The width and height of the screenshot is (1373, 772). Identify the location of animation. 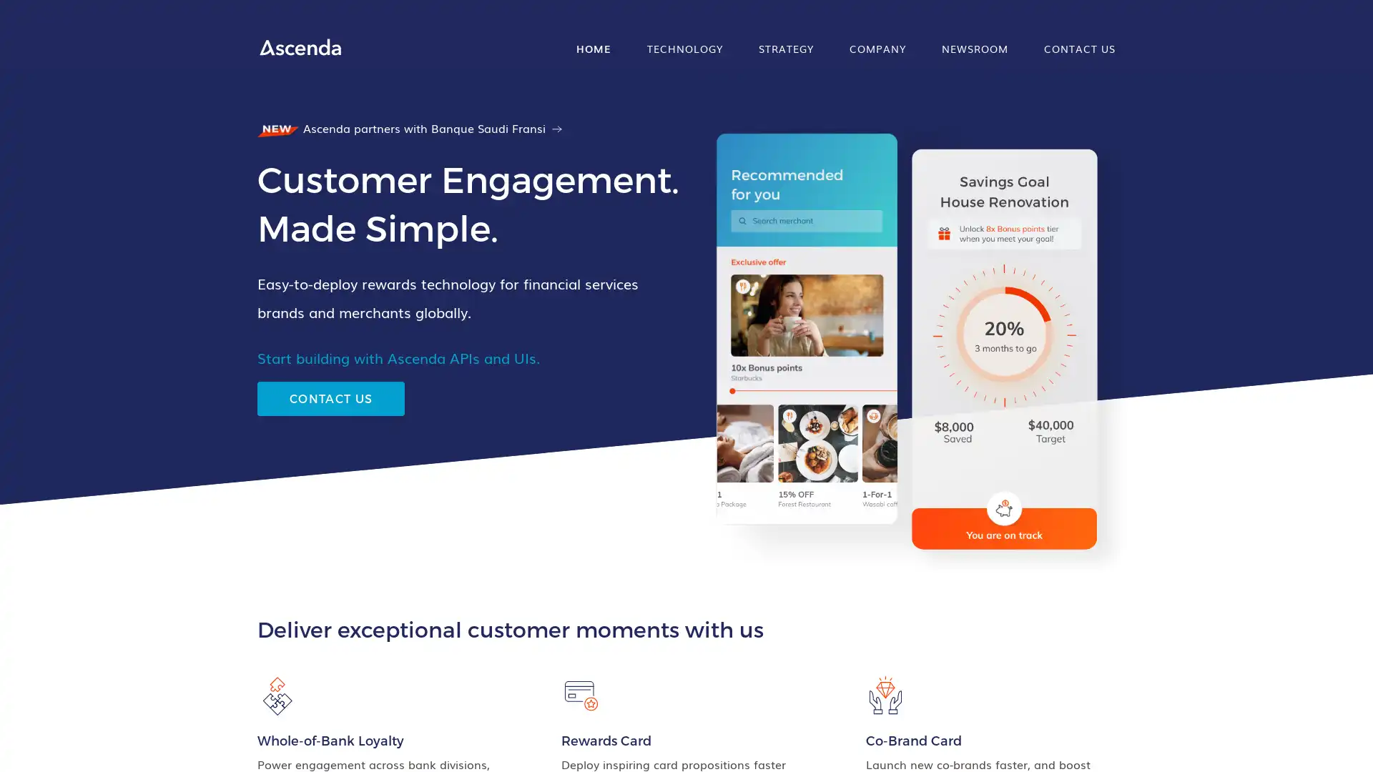
(277, 695).